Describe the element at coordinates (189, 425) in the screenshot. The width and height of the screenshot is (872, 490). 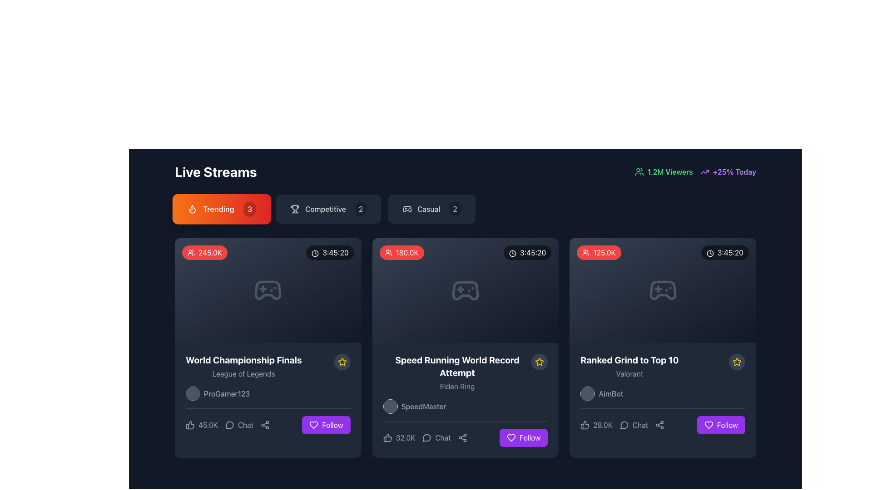
I see `the interactive icon button representing positive feedback, located in the bottom left corner of the 'World Championship Finals' card` at that location.